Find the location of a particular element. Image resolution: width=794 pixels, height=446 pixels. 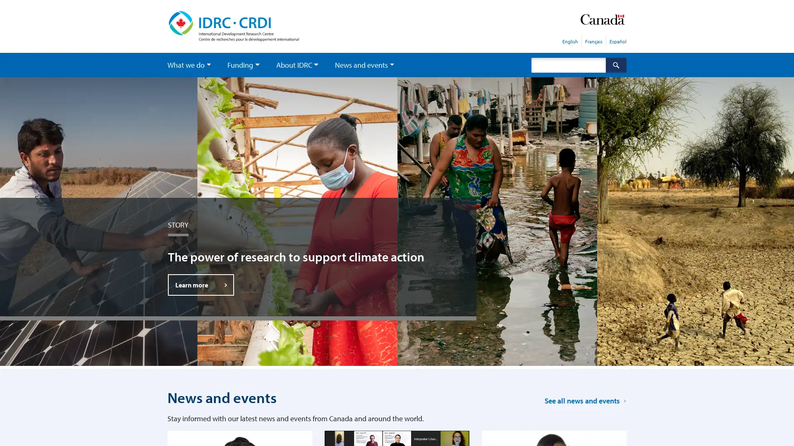

Search is located at coordinates (616, 64).